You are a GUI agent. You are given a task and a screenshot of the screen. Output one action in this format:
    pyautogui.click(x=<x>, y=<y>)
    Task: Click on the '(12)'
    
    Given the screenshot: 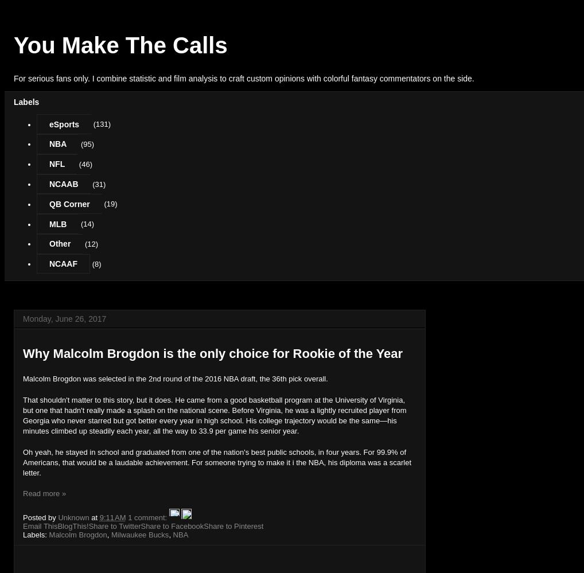 What is the action you would take?
    pyautogui.click(x=91, y=243)
    